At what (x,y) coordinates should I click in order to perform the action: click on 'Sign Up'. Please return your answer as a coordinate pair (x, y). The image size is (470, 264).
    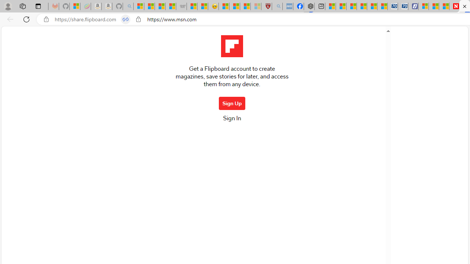
    Looking at the image, I should click on (232, 103).